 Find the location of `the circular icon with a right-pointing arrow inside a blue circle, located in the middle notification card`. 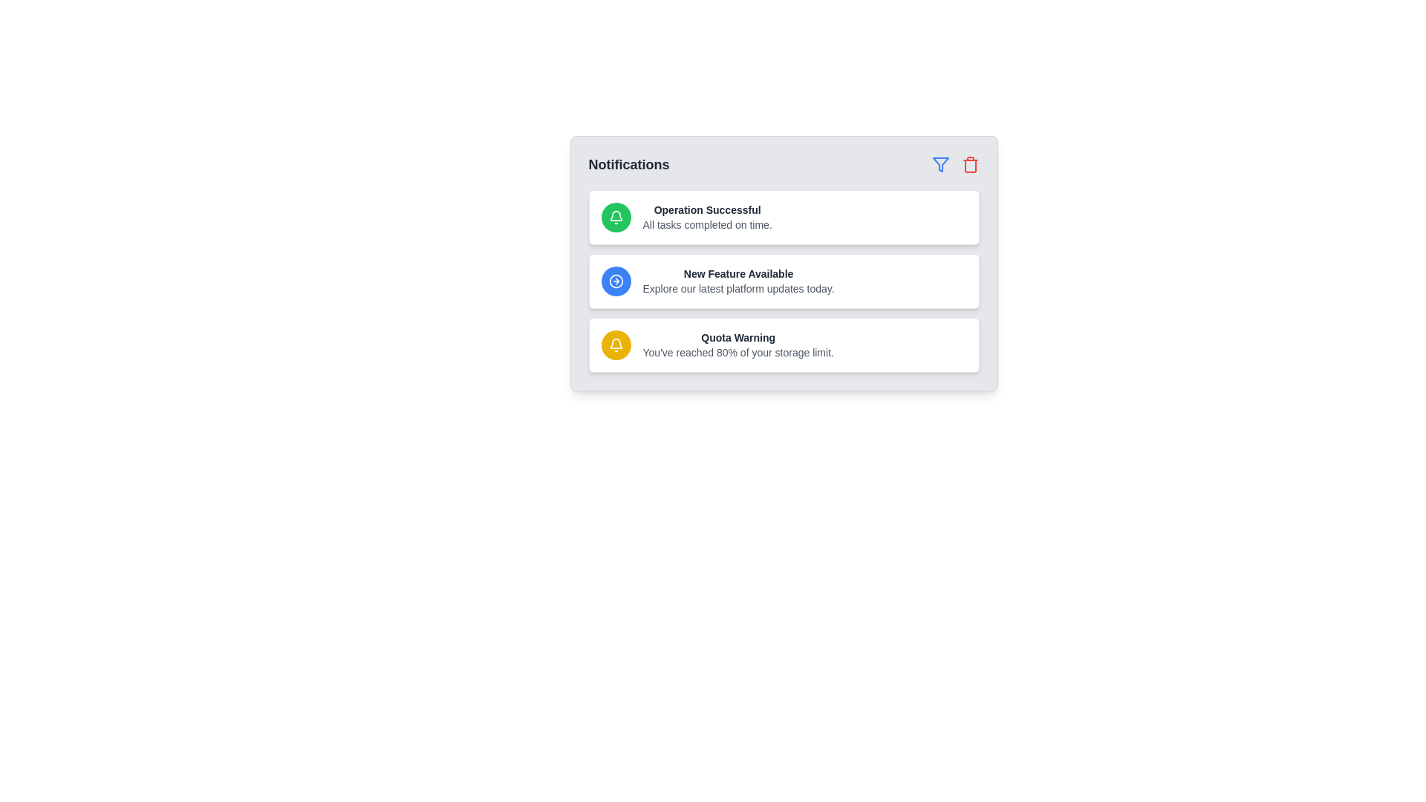

the circular icon with a right-pointing arrow inside a blue circle, located in the middle notification card is located at coordinates (616, 281).